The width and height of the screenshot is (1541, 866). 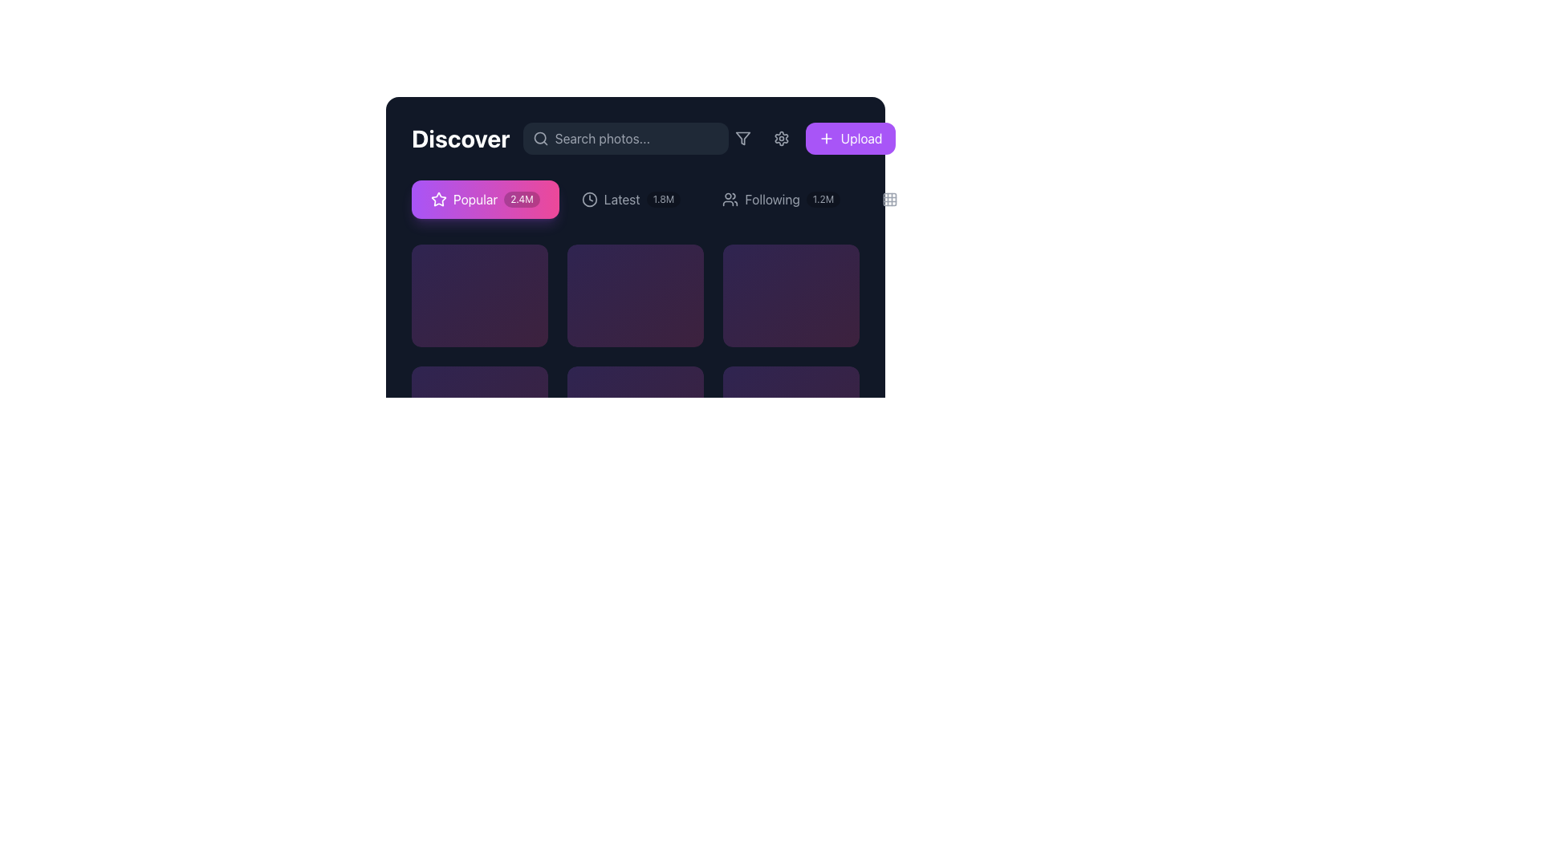 I want to click on the circular clock icon representing 'Latest' content, located in the top navigation area between 'Popular' and 'Following', so click(x=588, y=199).